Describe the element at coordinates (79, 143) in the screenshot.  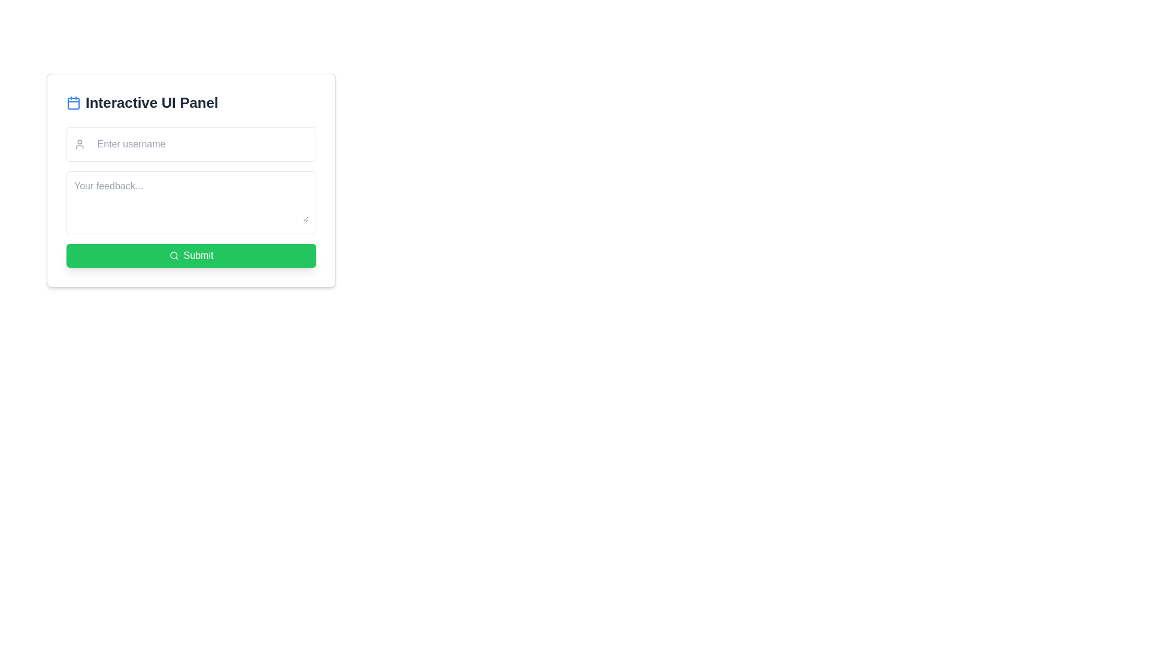
I see `the user figure icon, which is styled in gray and located to the left of the 'Enter username' text input field` at that location.